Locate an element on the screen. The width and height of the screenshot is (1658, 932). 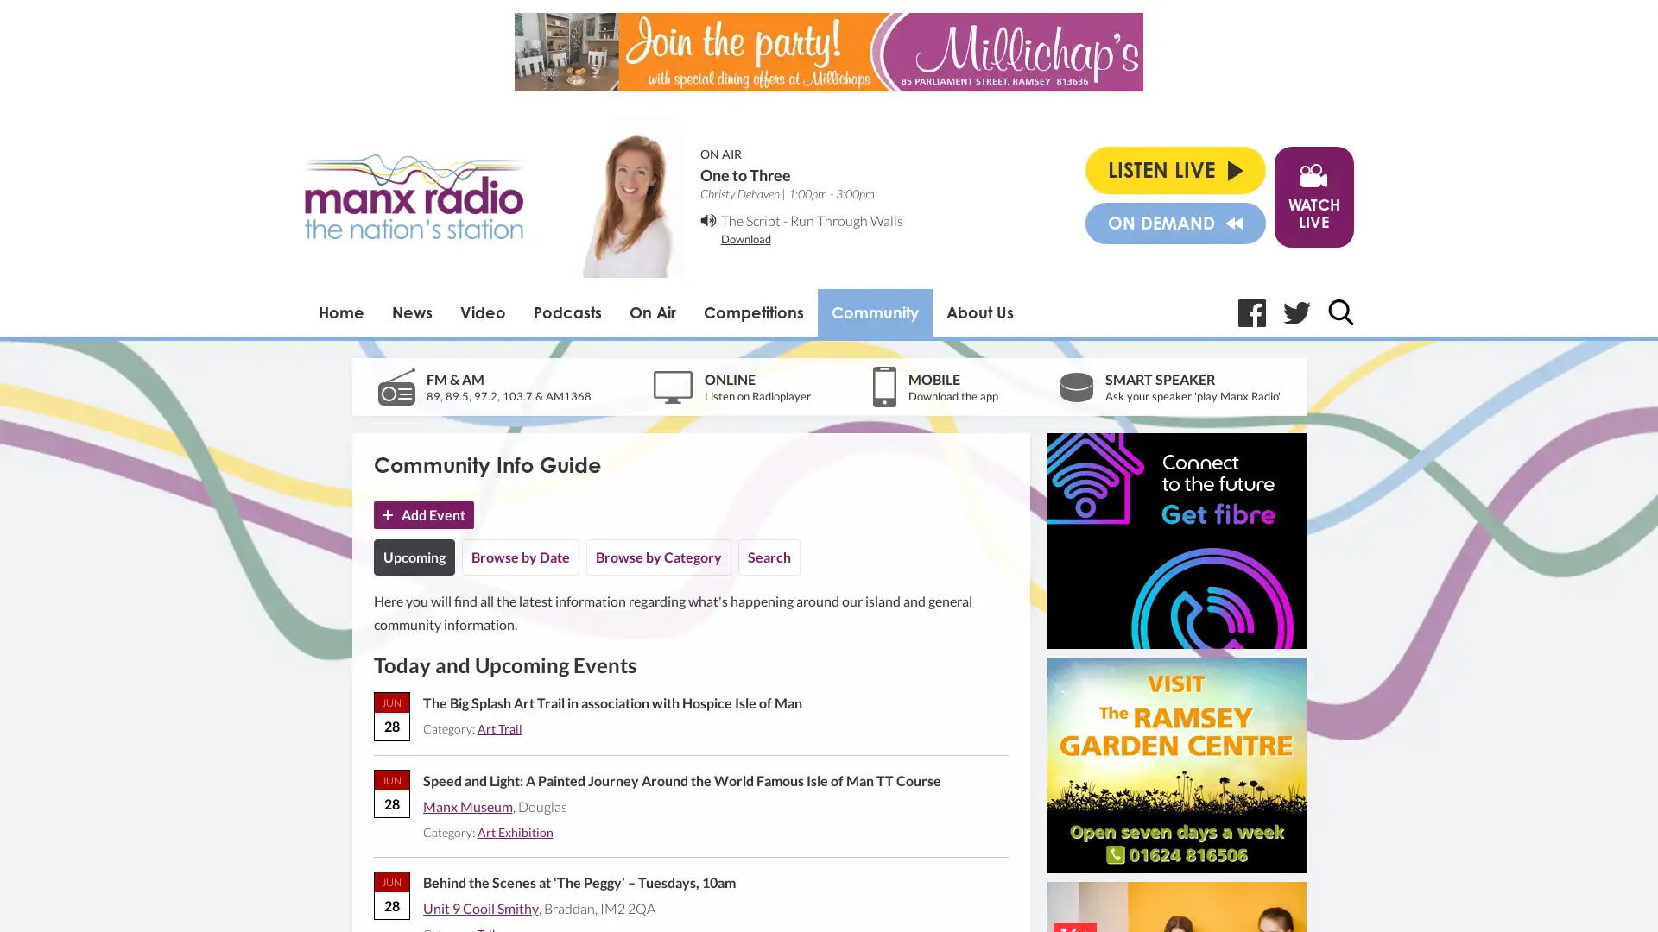
Toggle Search Visibility is located at coordinates (1338, 312).